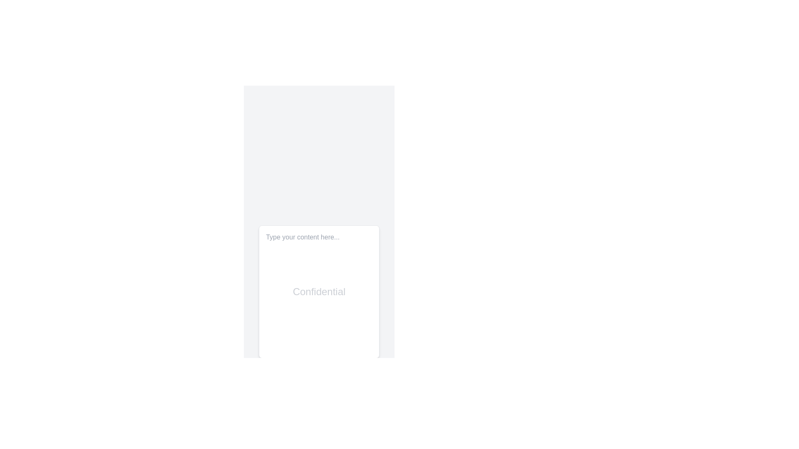 This screenshot has height=449, width=799. What do you see at coordinates (319, 291) in the screenshot?
I see `and delete the existing text in the text area marked with the watermark 'Confidential', centrally located in the interface` at bounding box center [319, 291].